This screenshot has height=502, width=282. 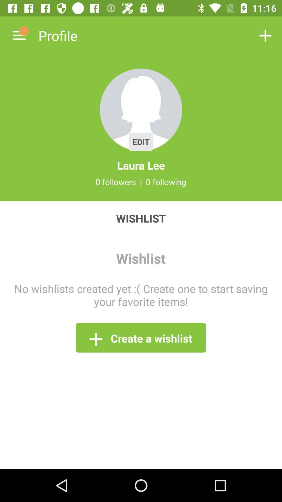 What do you see at coordinates (115, 182) in the screenshot?
I see `the item next to the   |   icon` at bounding box center [115, 182].